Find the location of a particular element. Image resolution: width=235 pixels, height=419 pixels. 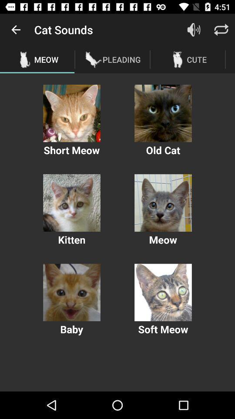

expand image is located at coordinates (71, 292).